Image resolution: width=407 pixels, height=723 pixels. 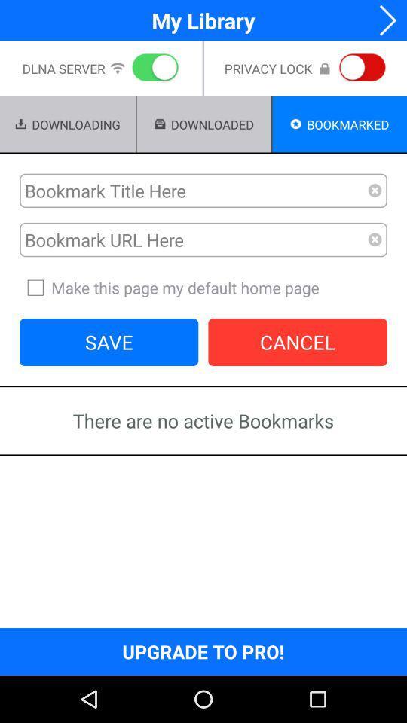 I want to click on the icon to the left of cancel button, so click(x=108, y=342).